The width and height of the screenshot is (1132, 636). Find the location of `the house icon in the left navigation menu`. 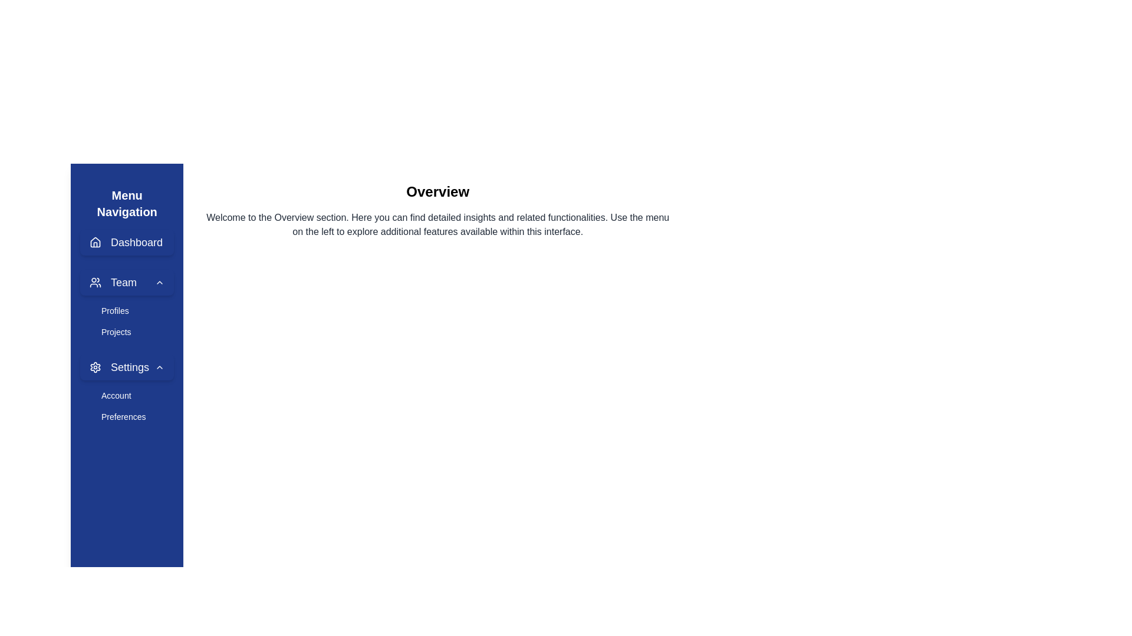

the house icon in the left navigation menu is located at coordinates (96, 242).